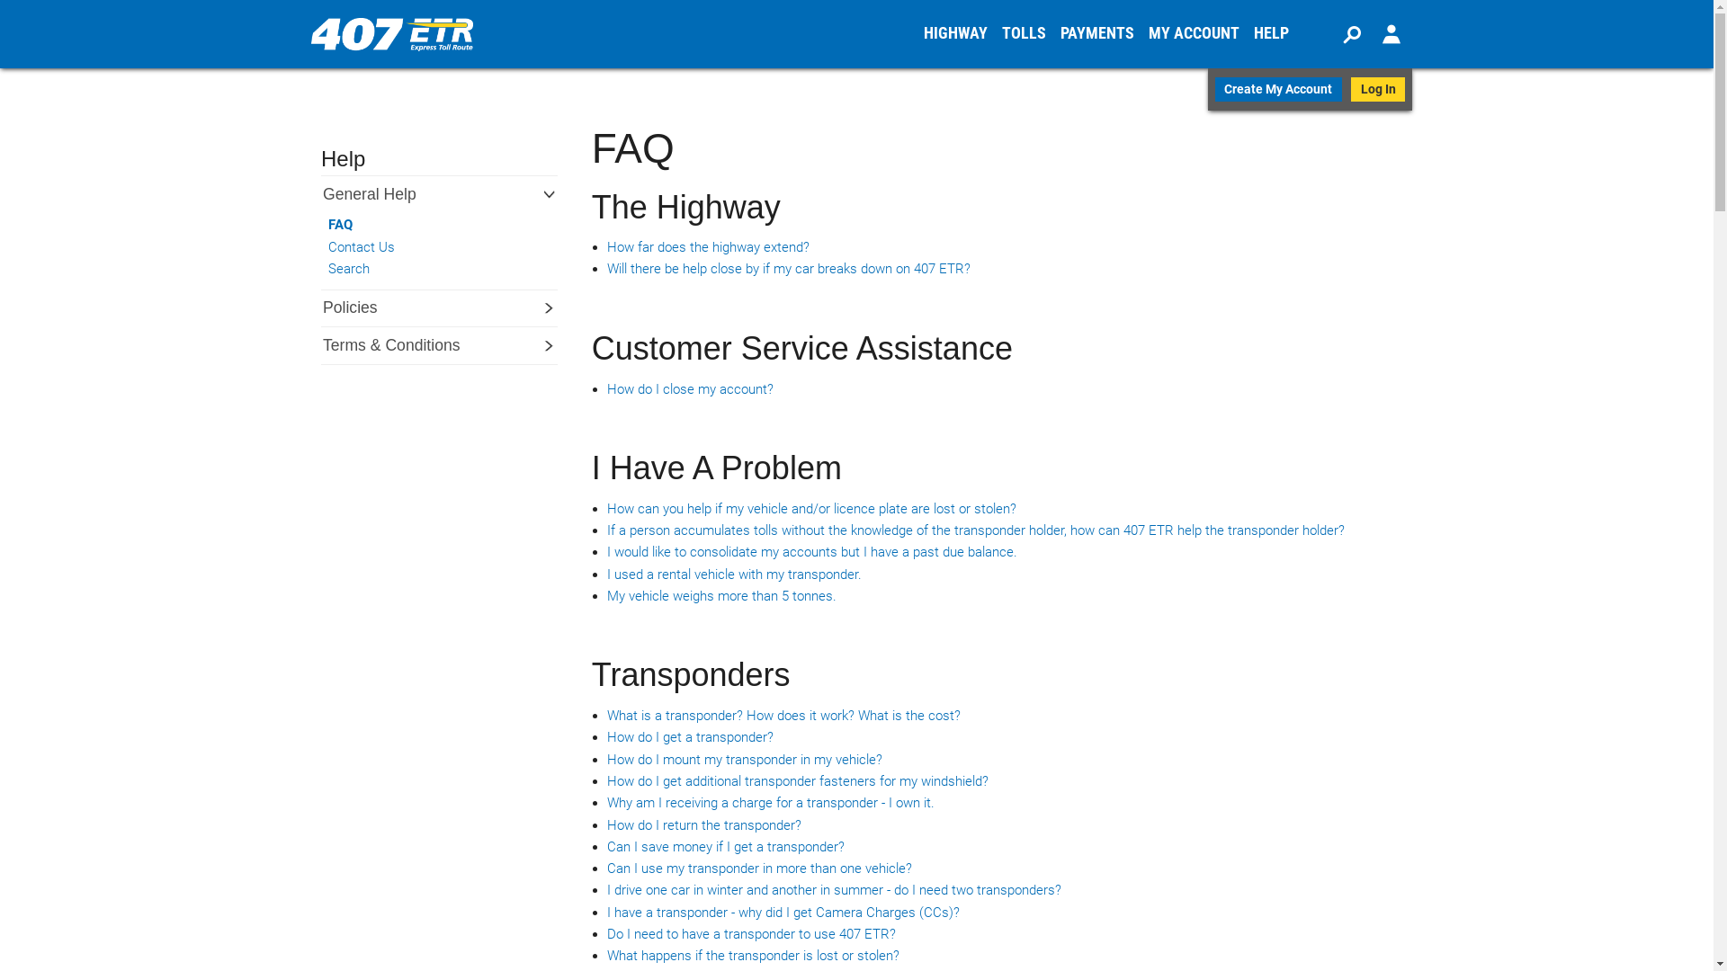 Image resolution: width=1727 pixels, height=971 pixels. Describe the element at coordinates (783, 912) in the screenshot. I see `'I have a transponder - why did I get Camera Charges (CCs)?'` at that location.